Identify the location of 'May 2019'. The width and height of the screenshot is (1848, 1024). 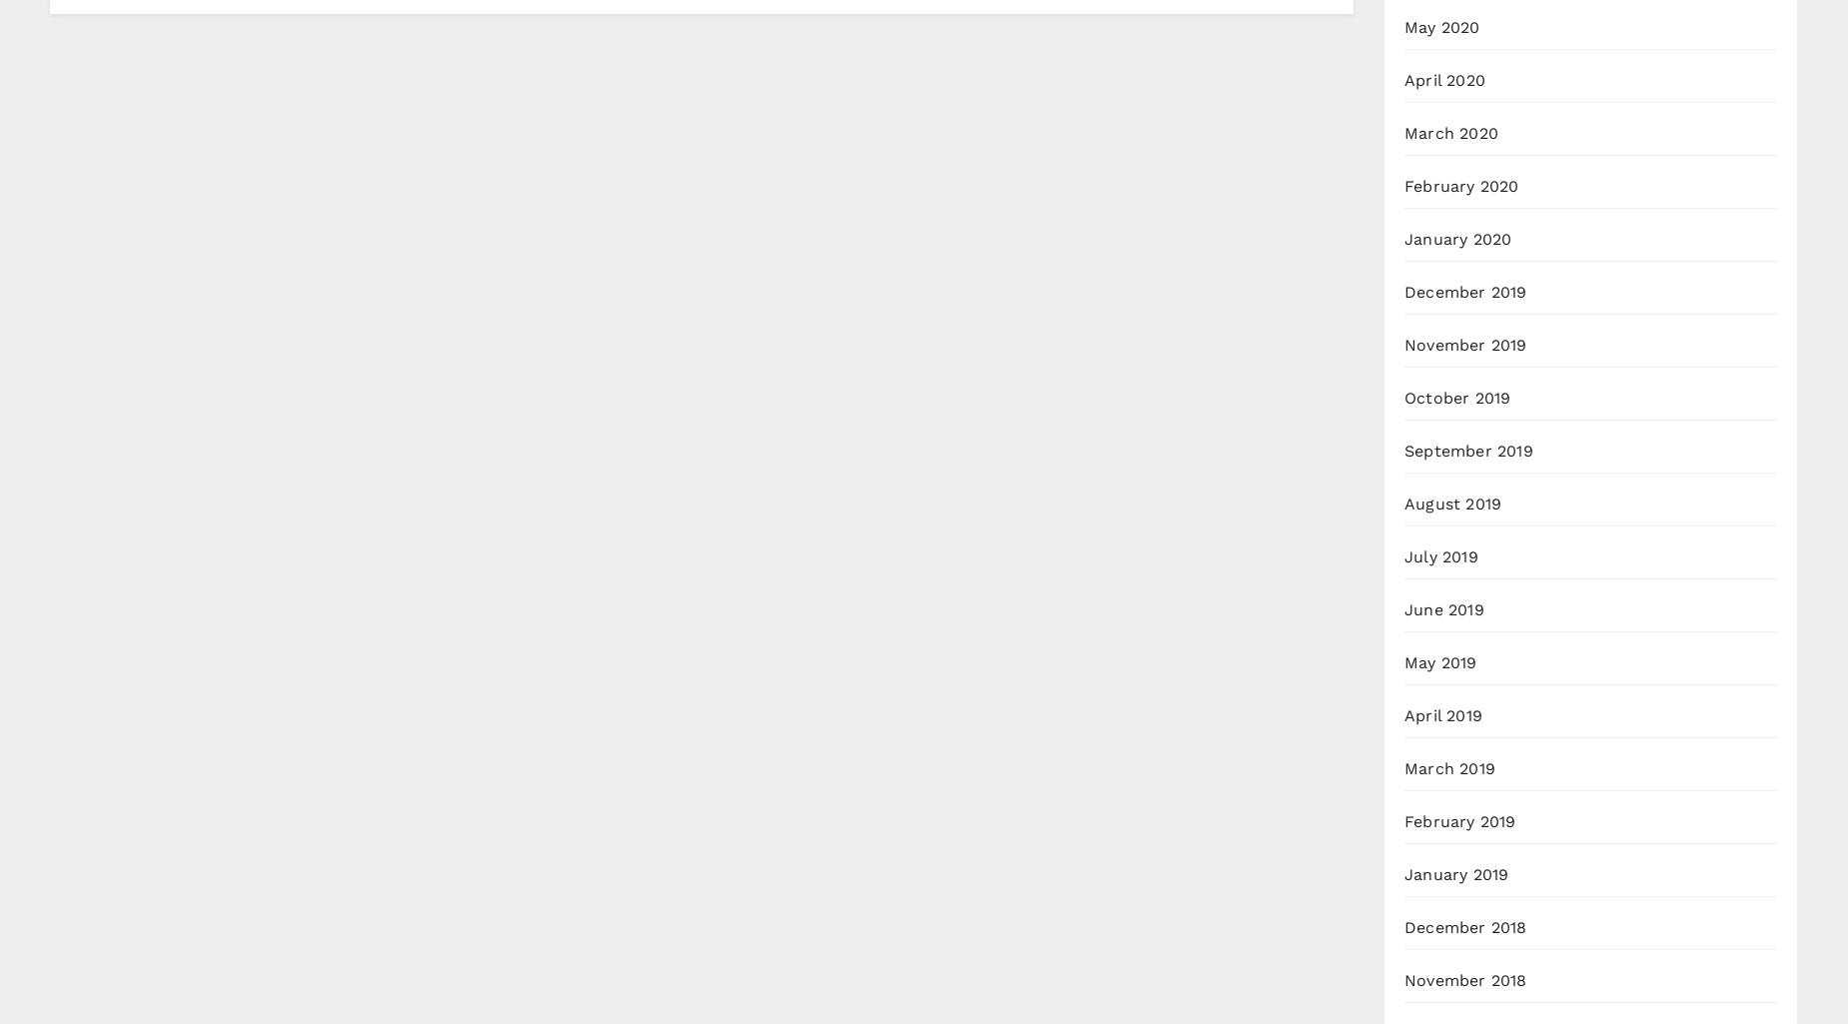
(1440, 662).